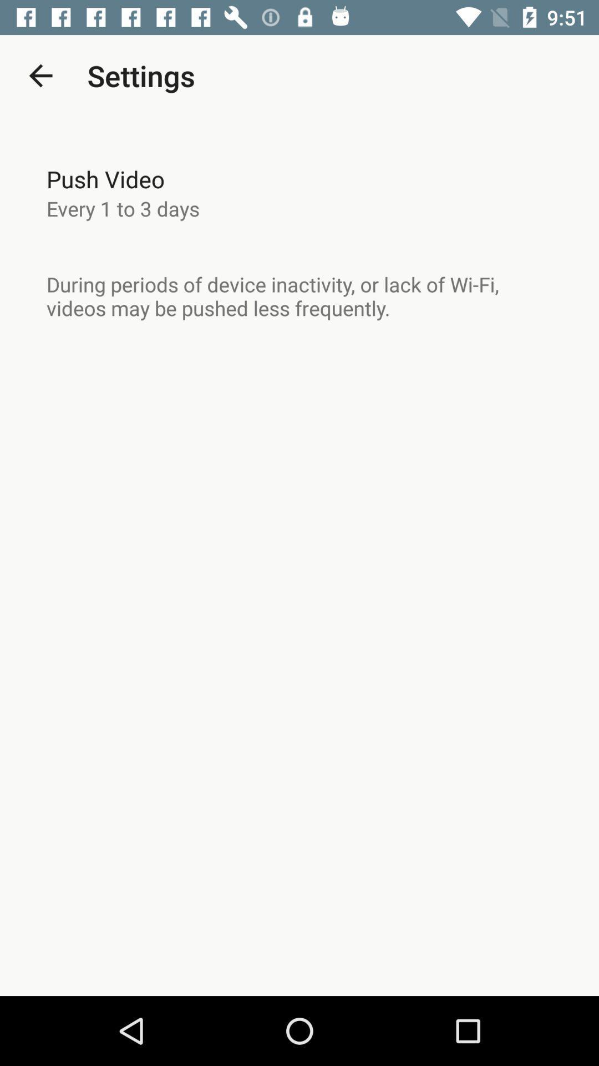 This screenshot has height=1066, width=599. Describe the element at coordinates (299, 296) in the screenshot. I see `during periods of icon` at that location.